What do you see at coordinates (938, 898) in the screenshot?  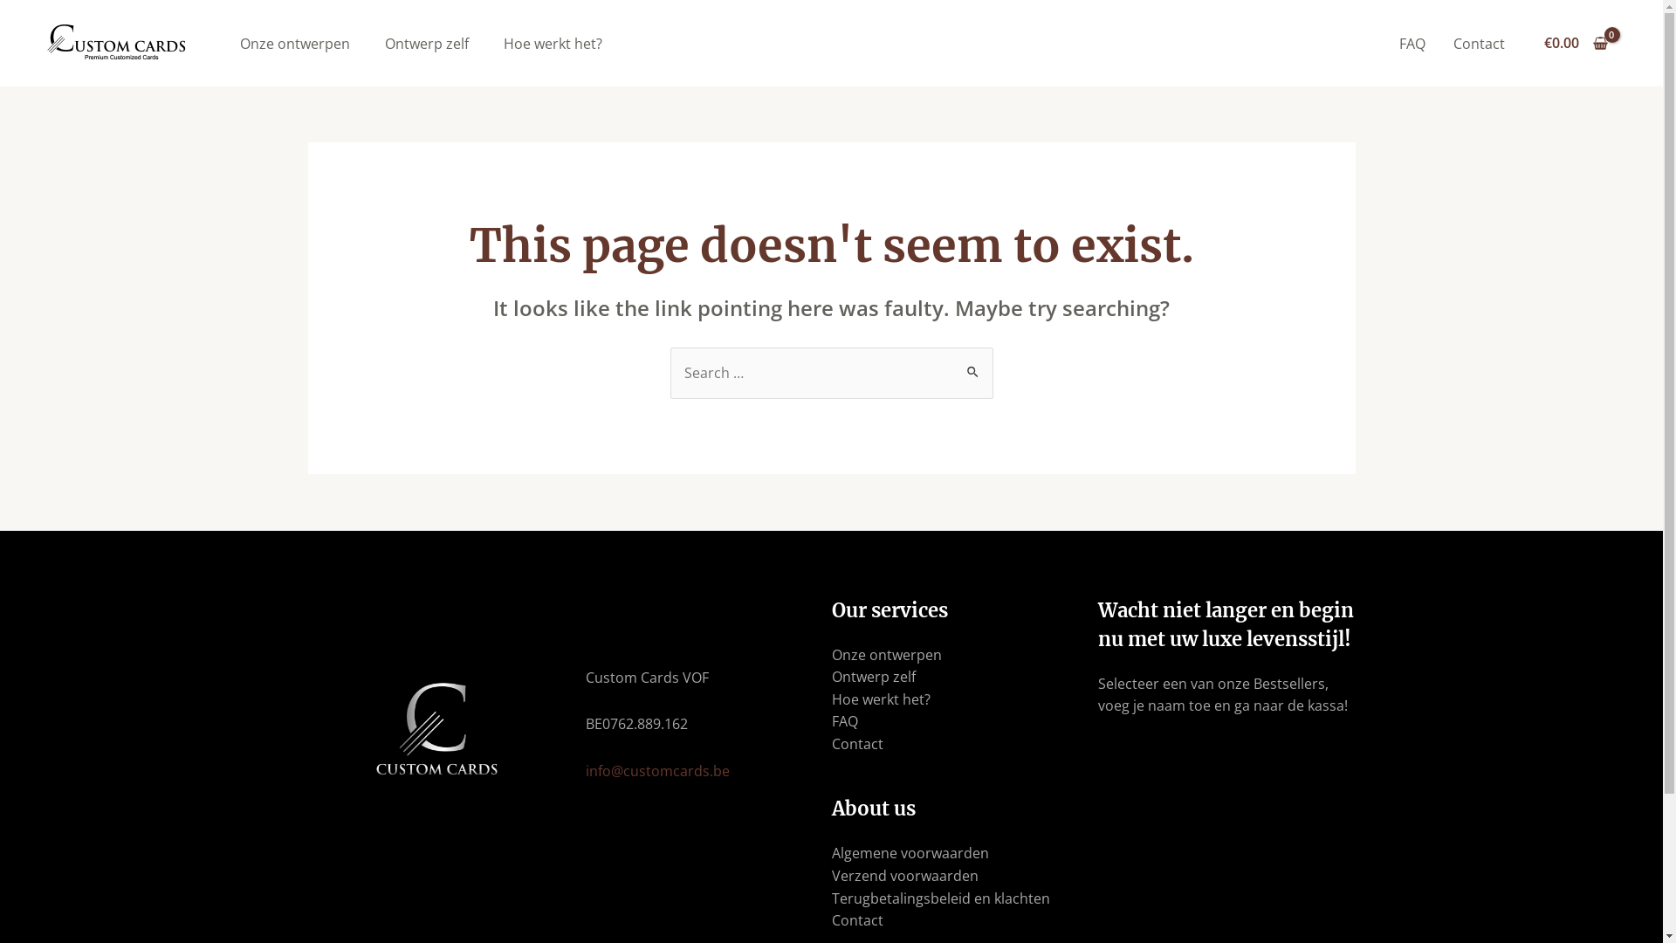 I see `'Terugbetalingsbeleid en klachten'` at bounding box center [938, 898].